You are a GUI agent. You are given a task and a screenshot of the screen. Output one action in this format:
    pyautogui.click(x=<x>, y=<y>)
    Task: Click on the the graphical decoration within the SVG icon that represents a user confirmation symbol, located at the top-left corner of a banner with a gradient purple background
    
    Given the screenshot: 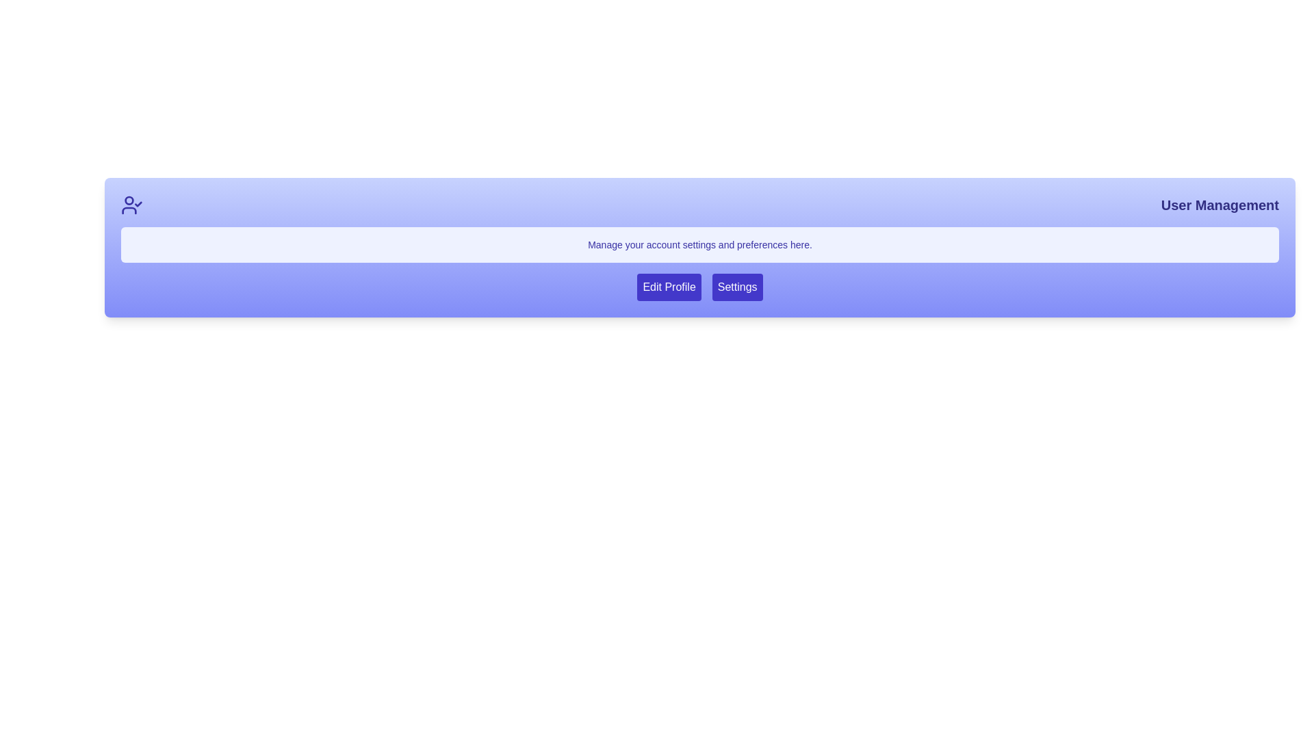 What is the action you would take?
    pyautogui.click(x=129, y=211)
    